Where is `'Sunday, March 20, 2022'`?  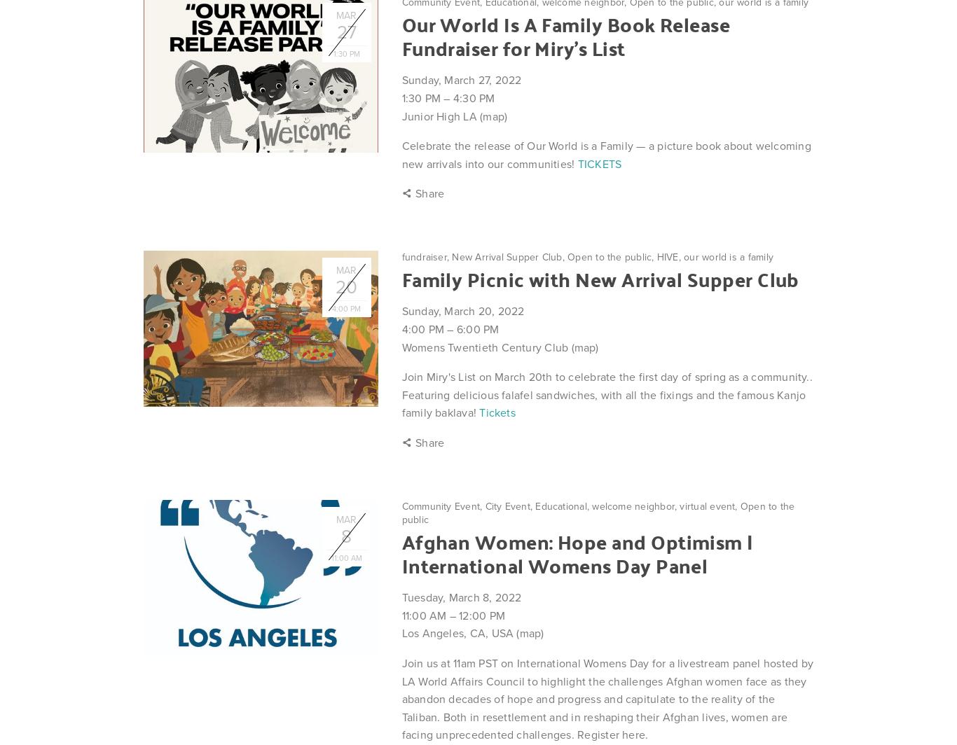
'Sunday, March 20, 2022' is located at coordinates (462, 311).